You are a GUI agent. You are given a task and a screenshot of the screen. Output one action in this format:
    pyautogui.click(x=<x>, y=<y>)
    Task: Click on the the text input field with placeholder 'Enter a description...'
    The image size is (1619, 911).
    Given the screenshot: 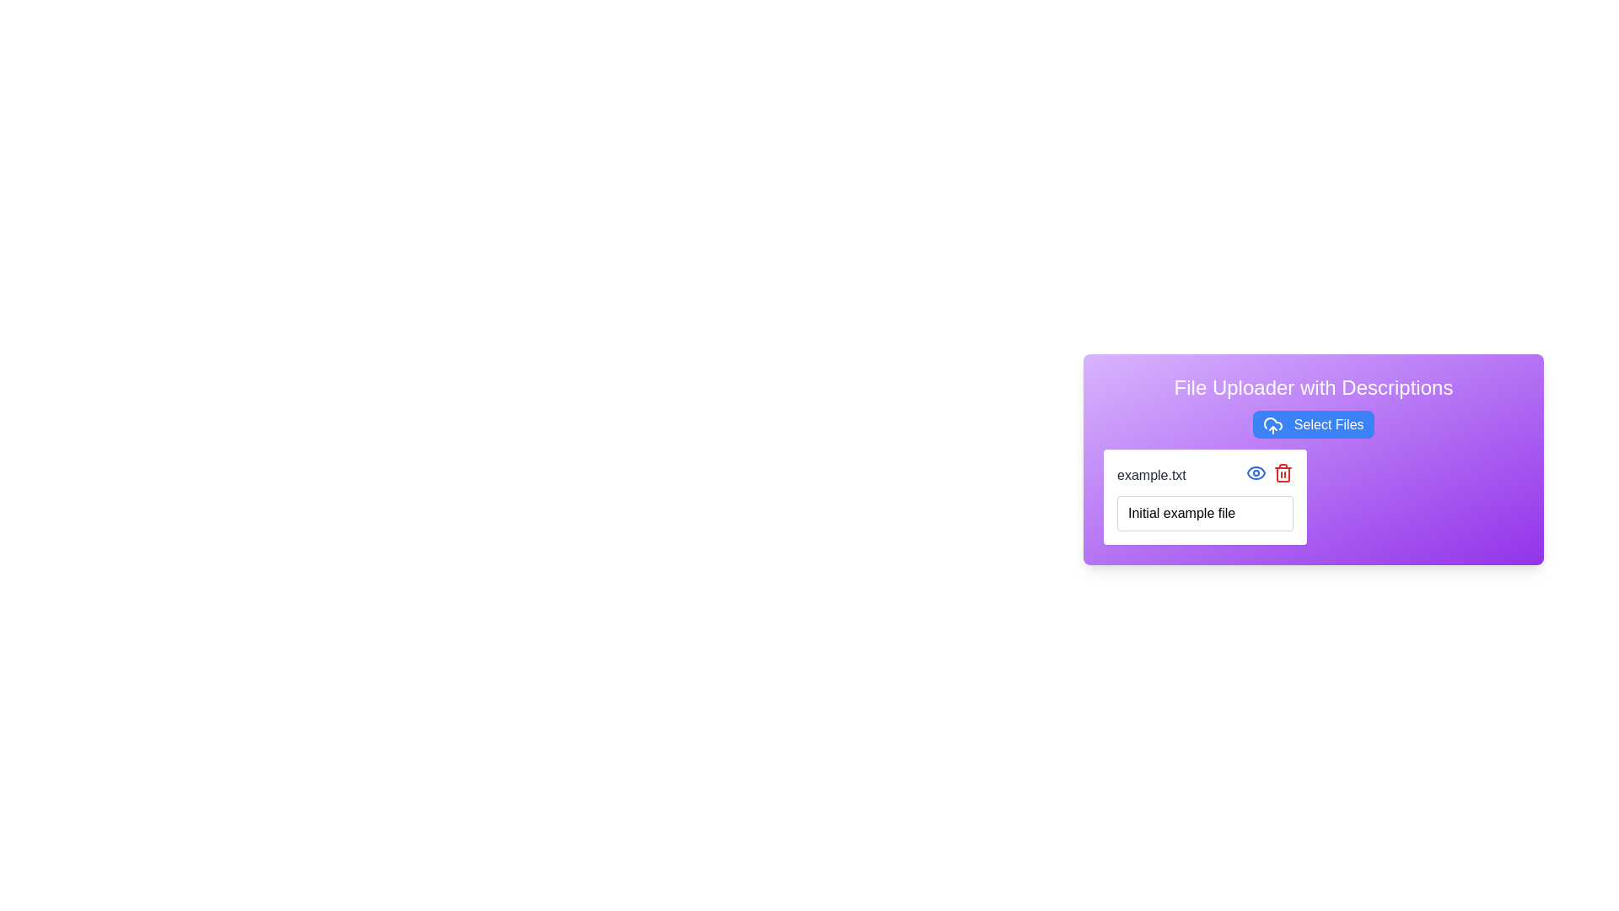 What is the action you would take?
    pyautogui.click(x=1204, y=512)
    